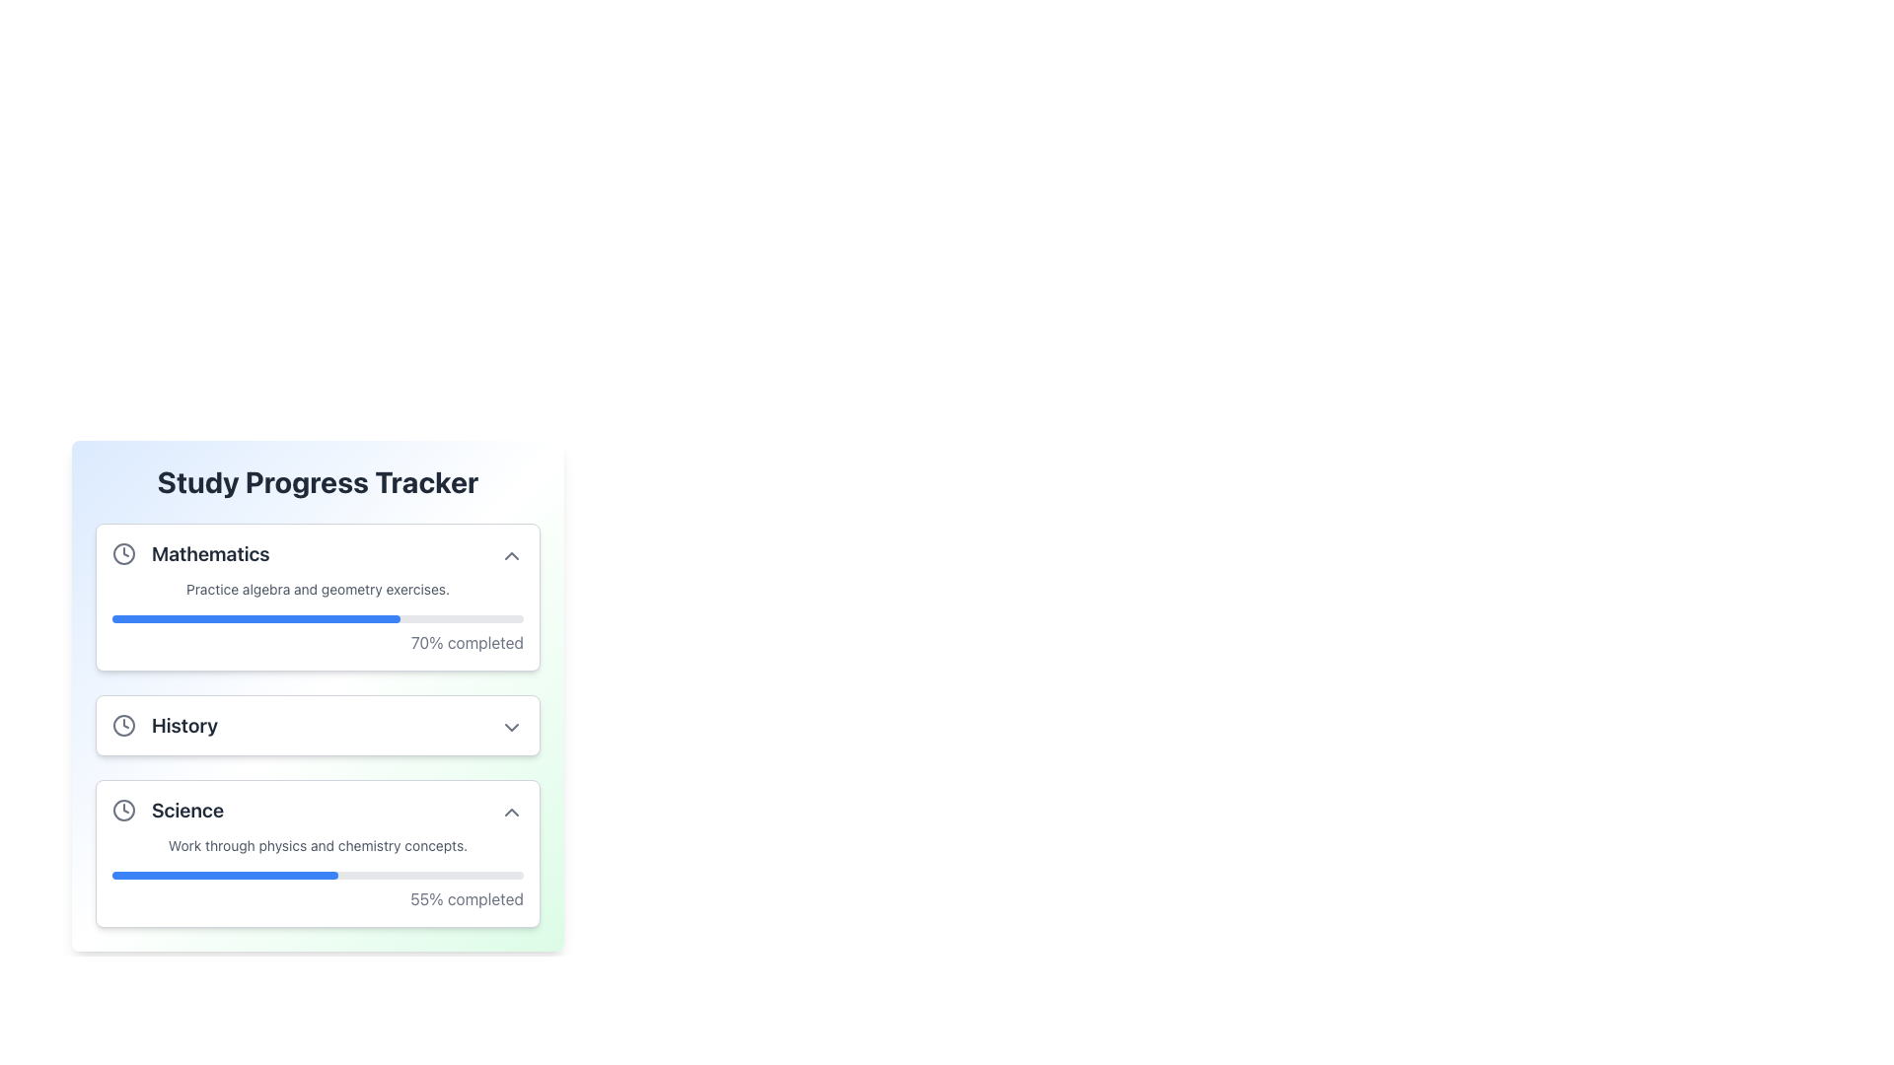  Describe the element at coordinates (122, 554) in the screenshot. I see `the clock icon representing time-related information associated with the 'Mathematics' section for accessibility navigation` at that location.